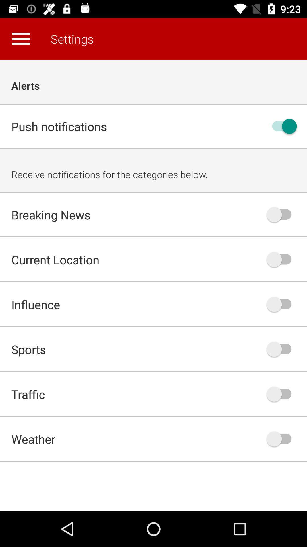  Describe the element at coordinates (282, 349) in the screenshot. I see `sports alerts` at that location.